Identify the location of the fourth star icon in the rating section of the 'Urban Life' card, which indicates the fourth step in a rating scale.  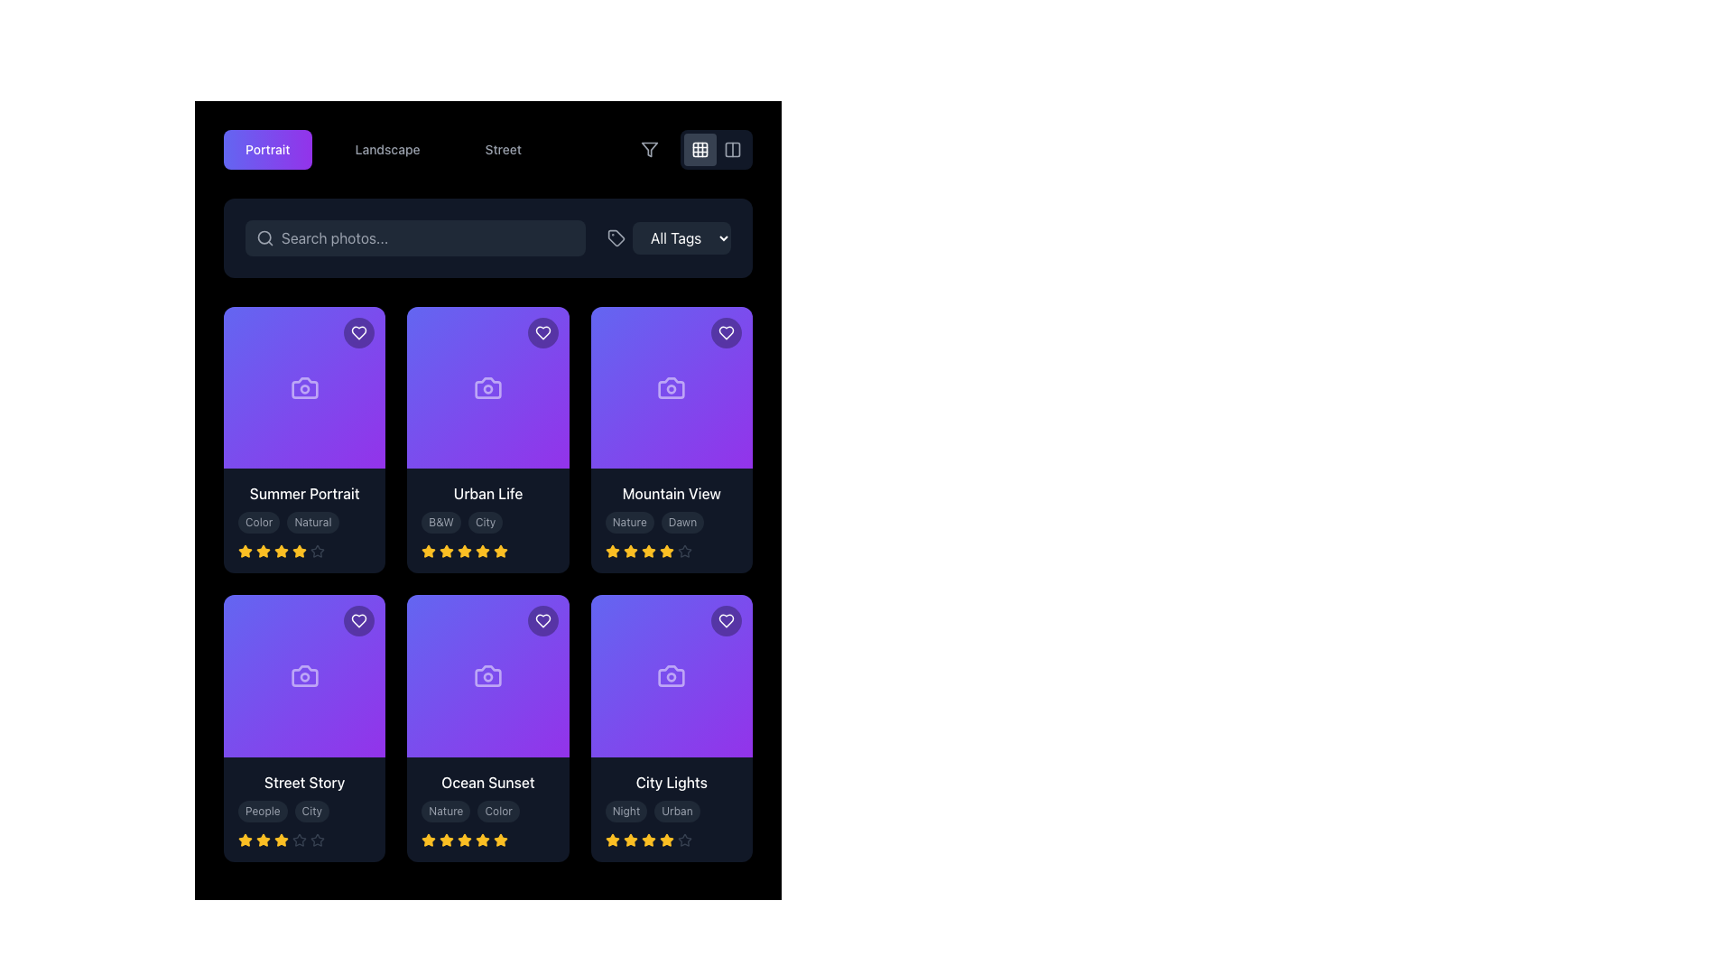
(501, 551).